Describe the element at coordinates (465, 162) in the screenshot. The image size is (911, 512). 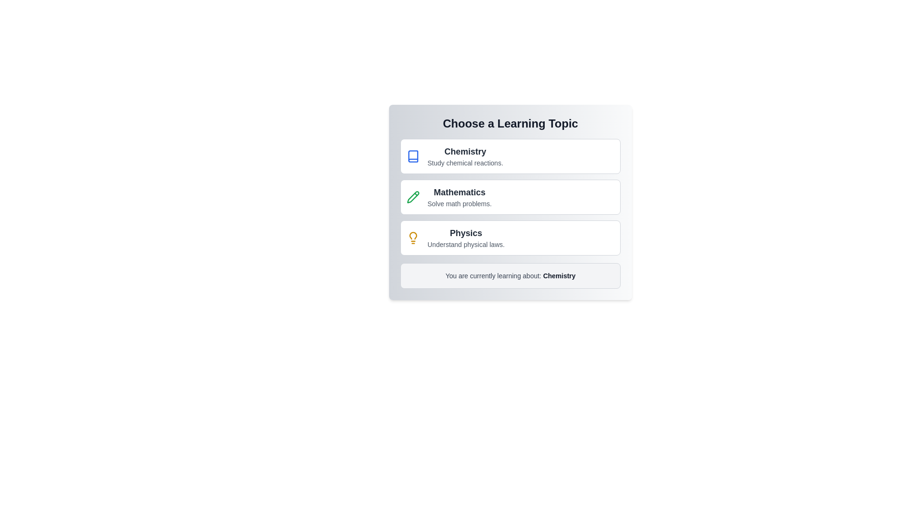
I see `the static text element displaying the phrase 'Study chemical reactions.' which is positioned under the title 'Chemistry' within a card-like selection box` at that location.